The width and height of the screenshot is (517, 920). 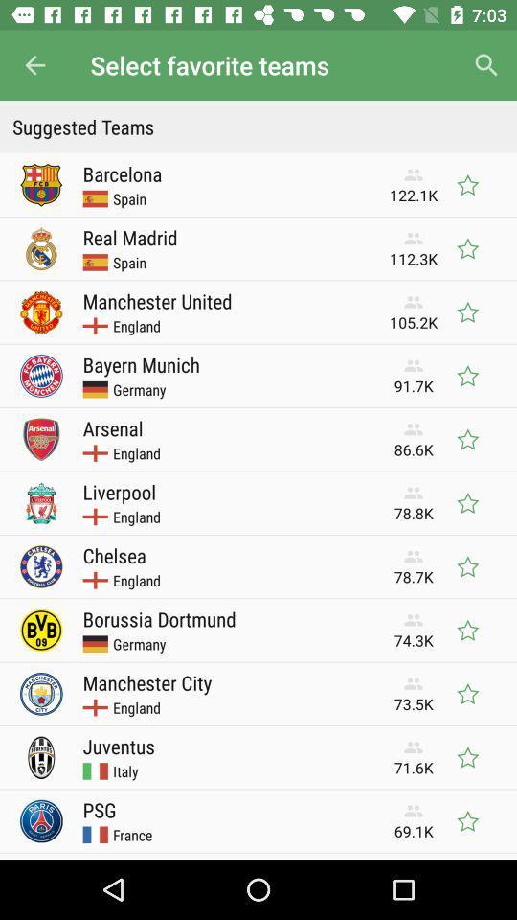 What do you see at coordinates (125, 770) in the screenshot?
I see `icon to the left of 71.6k icon` at bounding box center [125, 770].